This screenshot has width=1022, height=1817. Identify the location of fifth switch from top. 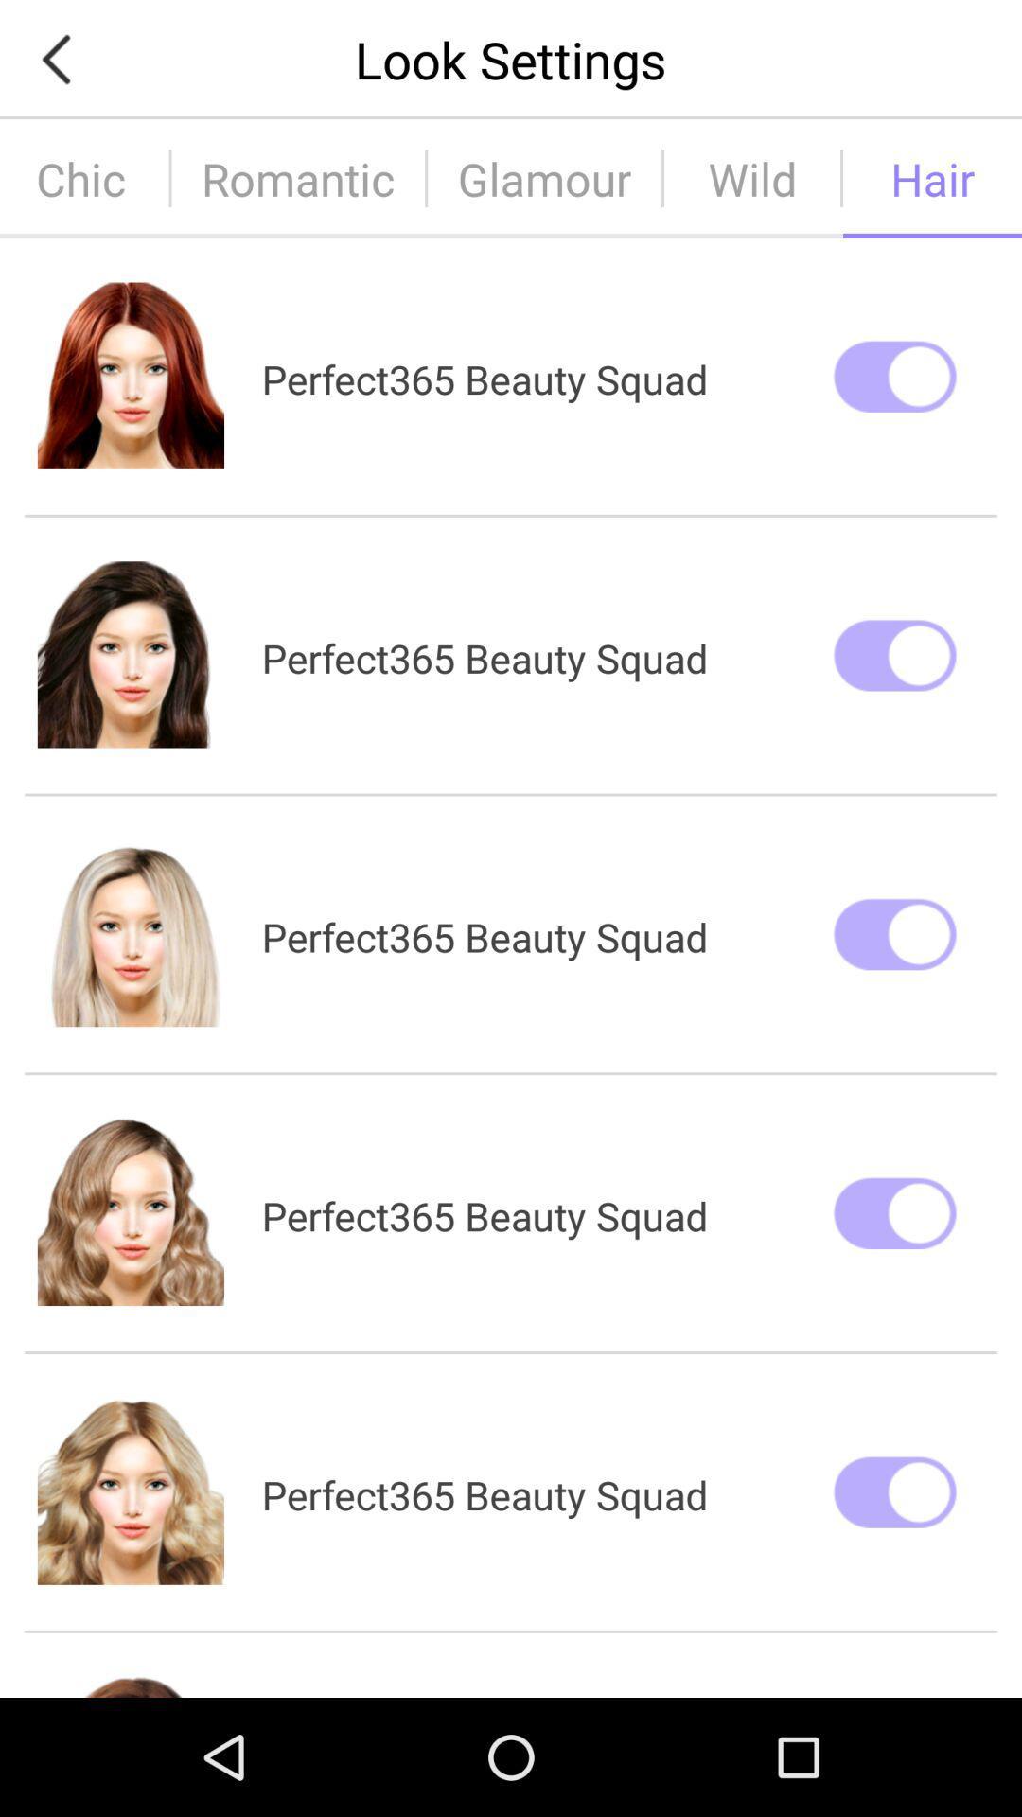
(894, 1491).